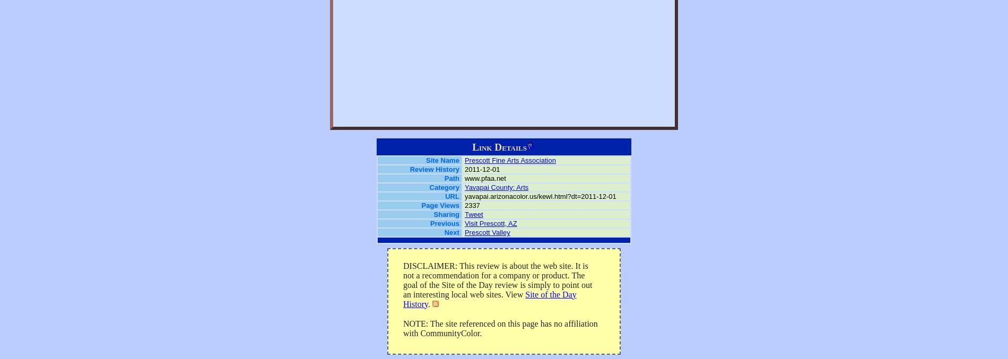 The image size is (1008, 359). I want to click on 'URL', so click(451, 196).